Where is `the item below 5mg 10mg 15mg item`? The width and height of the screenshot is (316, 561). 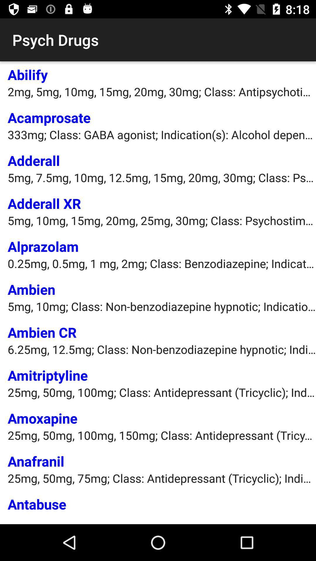
the item below 5mg 10mg 15mg item is located at coordinates (43, 246).